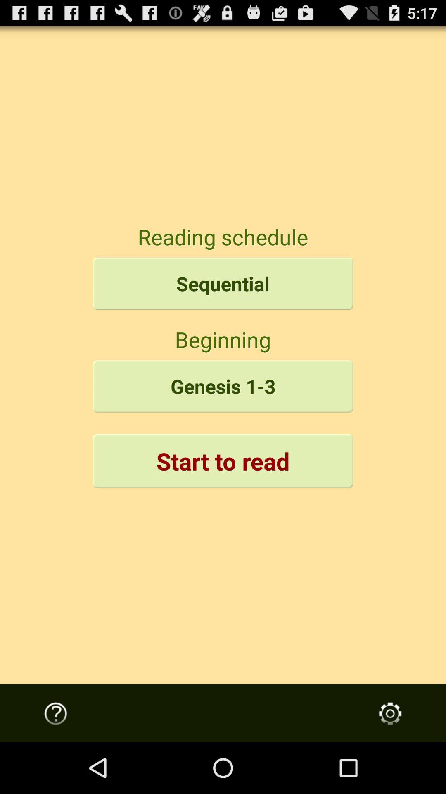  Describe the element at coordinates (223, 284) in the screenshot. I see `item above the beginning` at that location.